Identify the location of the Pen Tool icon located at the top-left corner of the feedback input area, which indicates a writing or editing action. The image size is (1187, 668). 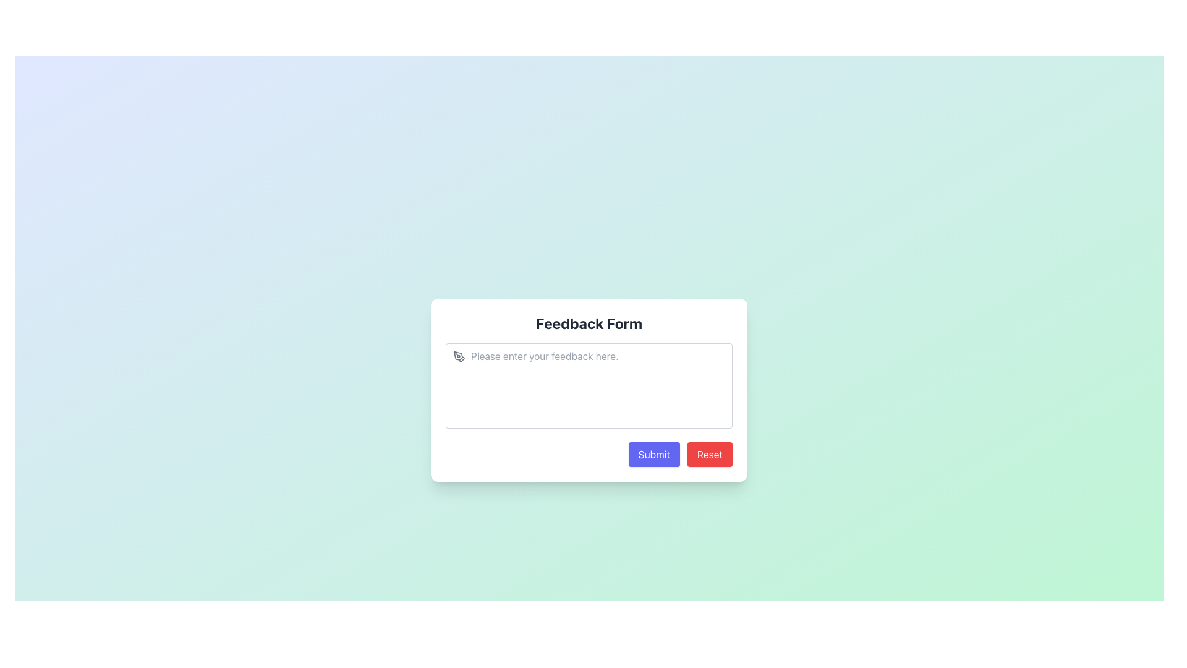
(459, 357).